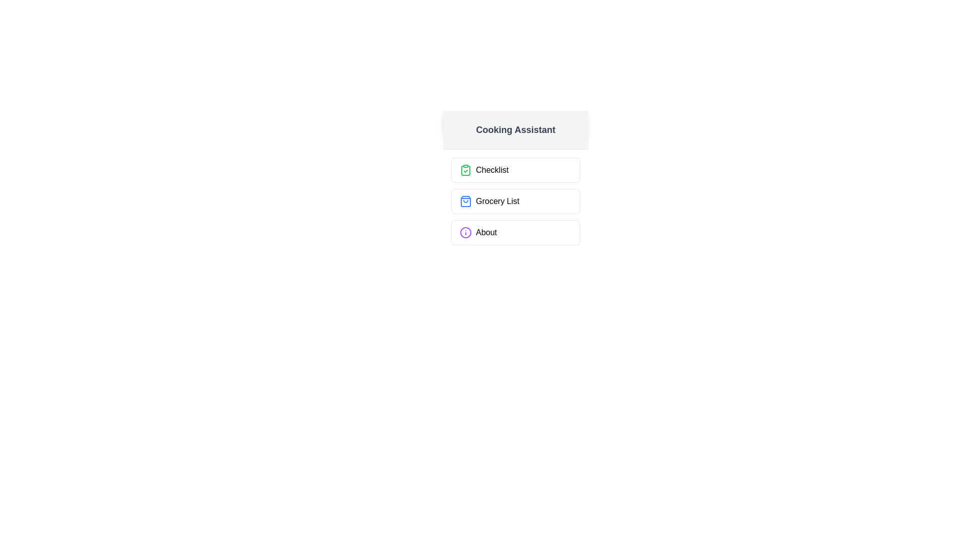 The height and width of the screenshot is (544, 968). What do you see at coordinates (515, 201) in the screenshot?
I see `the 'Grocery List' button` at bounding box center [515, 201].